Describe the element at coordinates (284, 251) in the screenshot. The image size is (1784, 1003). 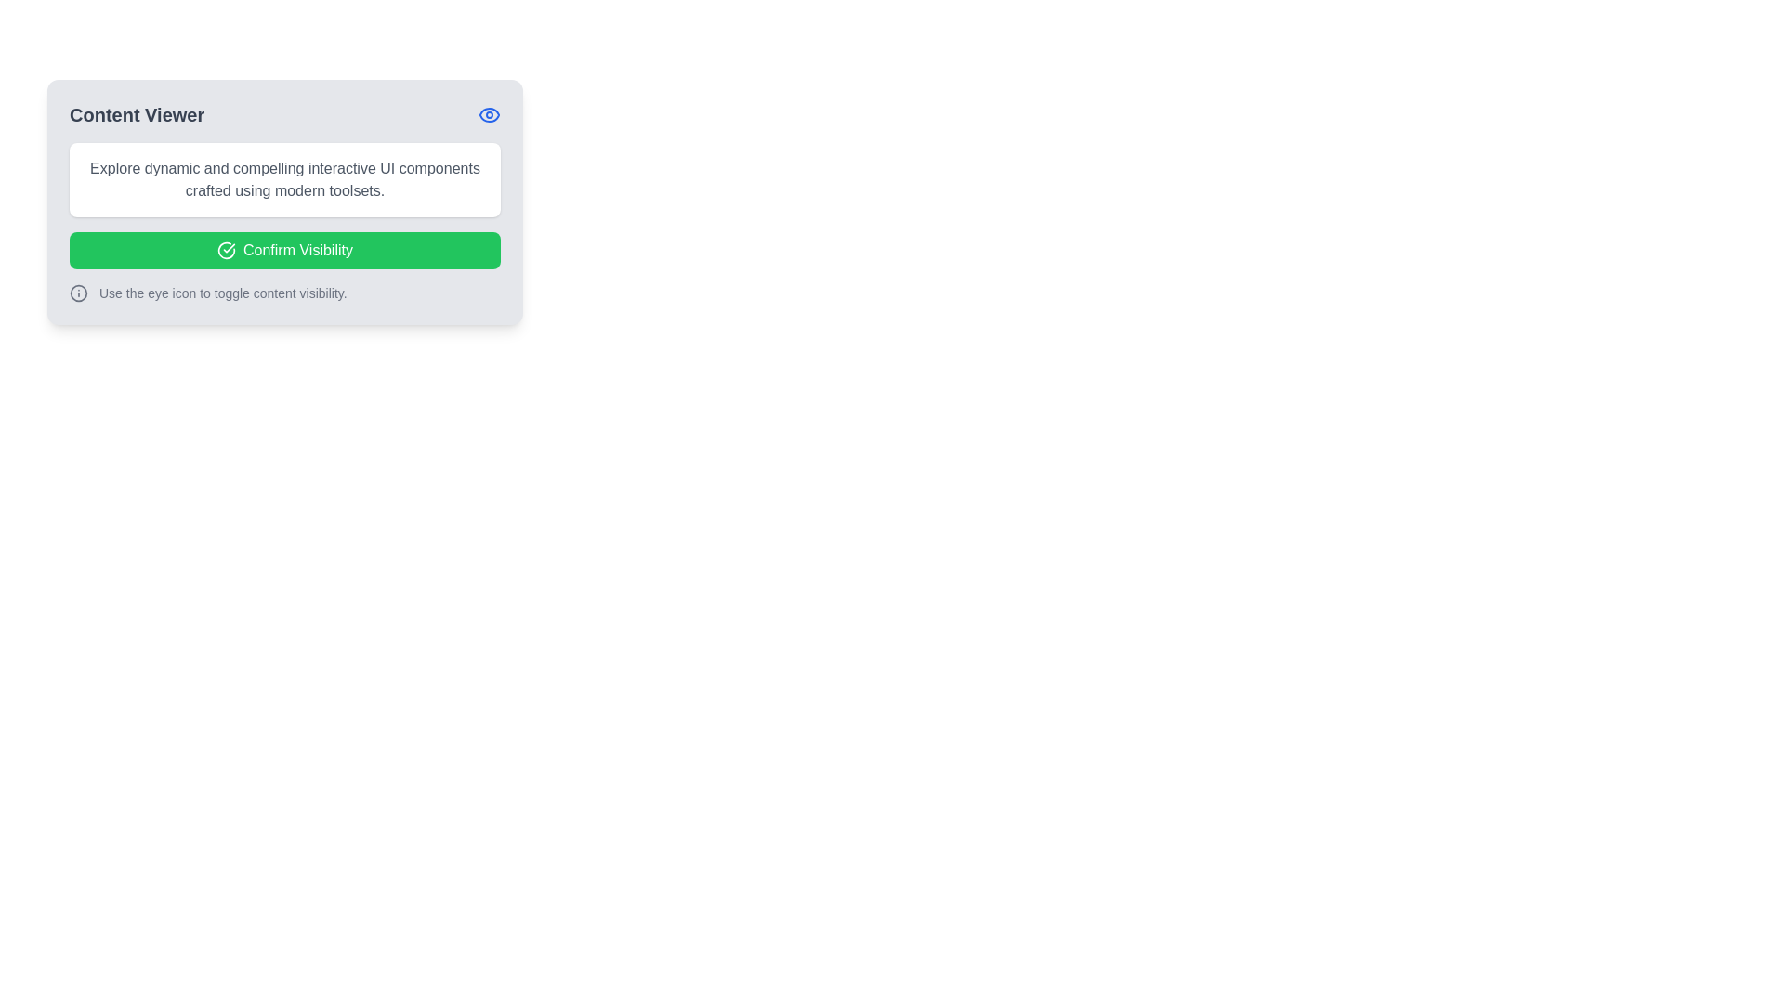
I see `the Text Label that provides context for the 'Confirm Visibility' button, located at the center of the button within the 'Content Viewer' panel` at that location.